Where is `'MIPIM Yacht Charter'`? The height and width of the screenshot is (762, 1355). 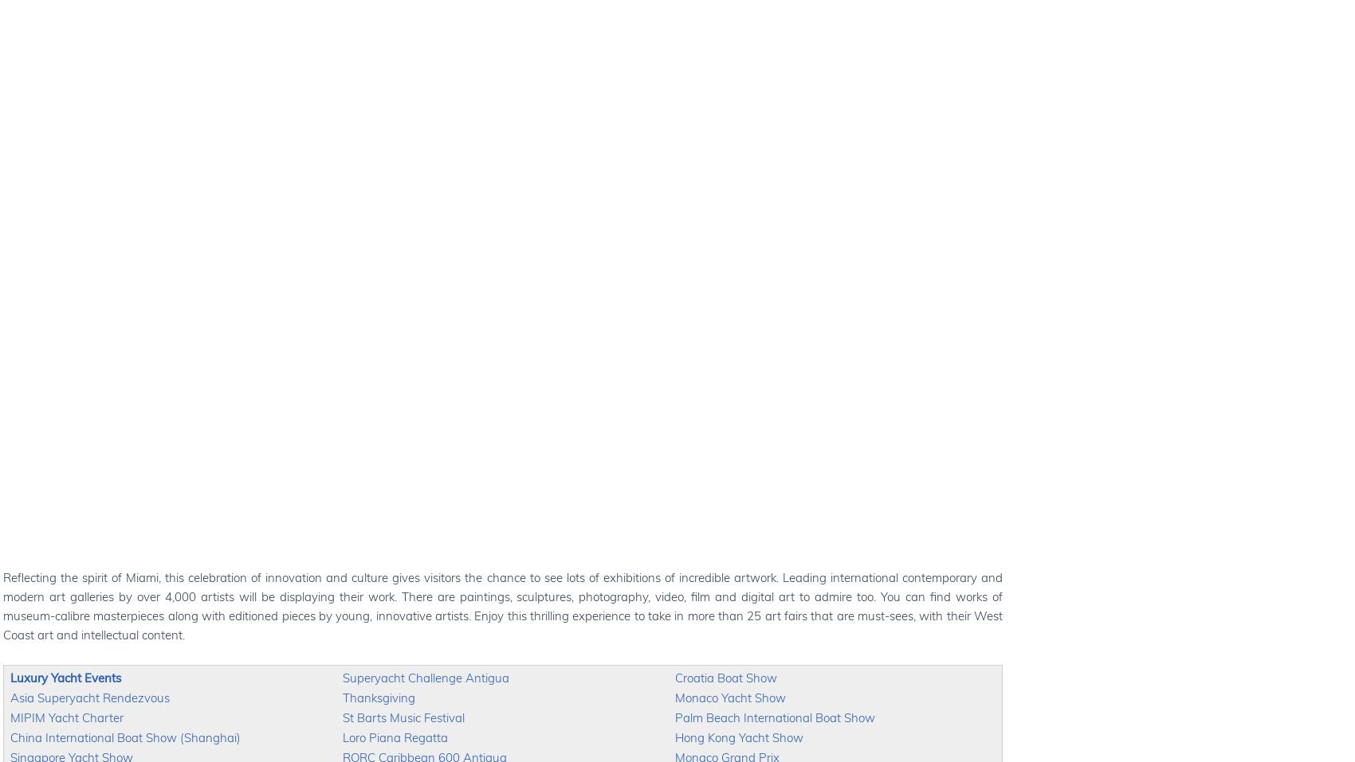
'MIPIM Yacht Charter' is located at coordinates (66, 717).